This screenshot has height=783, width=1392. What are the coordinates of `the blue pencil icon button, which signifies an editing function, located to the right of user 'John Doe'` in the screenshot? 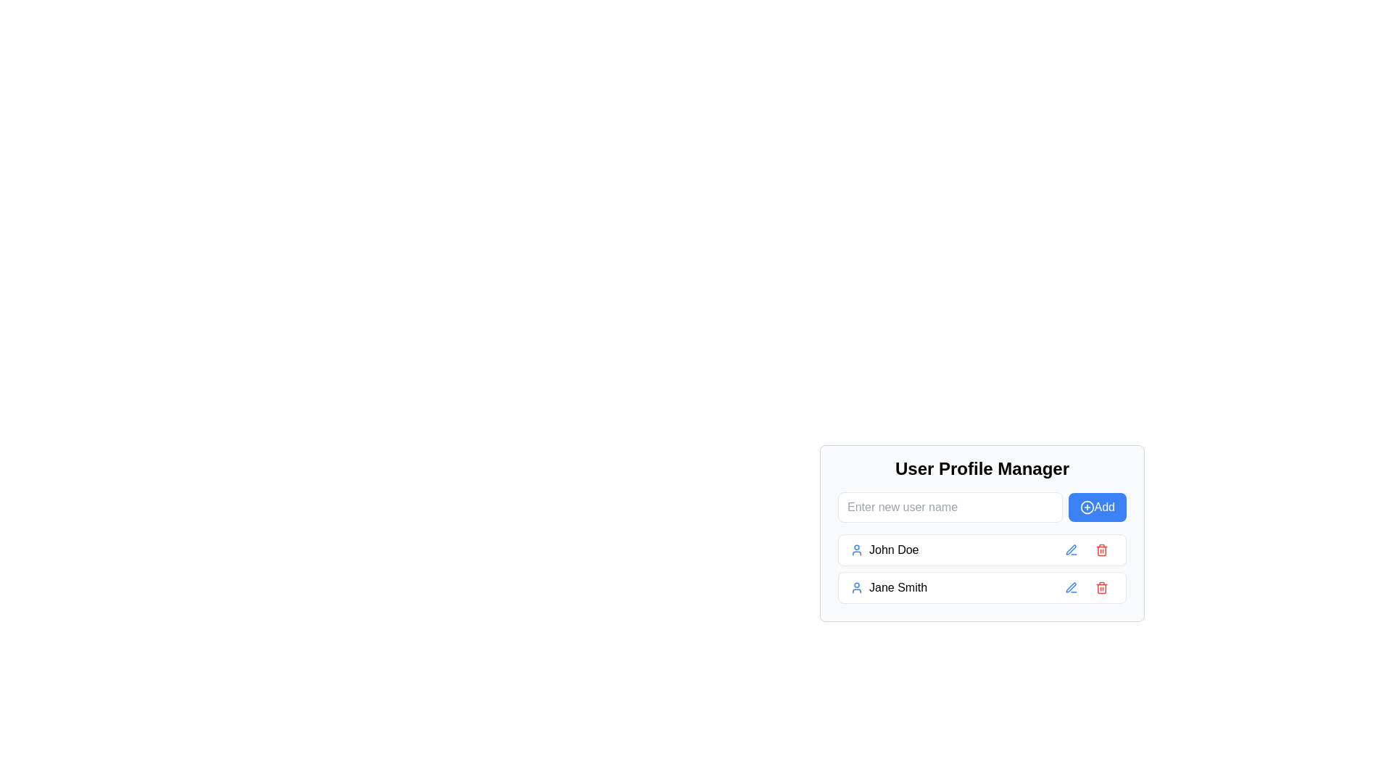 It's located at (1072, 550).